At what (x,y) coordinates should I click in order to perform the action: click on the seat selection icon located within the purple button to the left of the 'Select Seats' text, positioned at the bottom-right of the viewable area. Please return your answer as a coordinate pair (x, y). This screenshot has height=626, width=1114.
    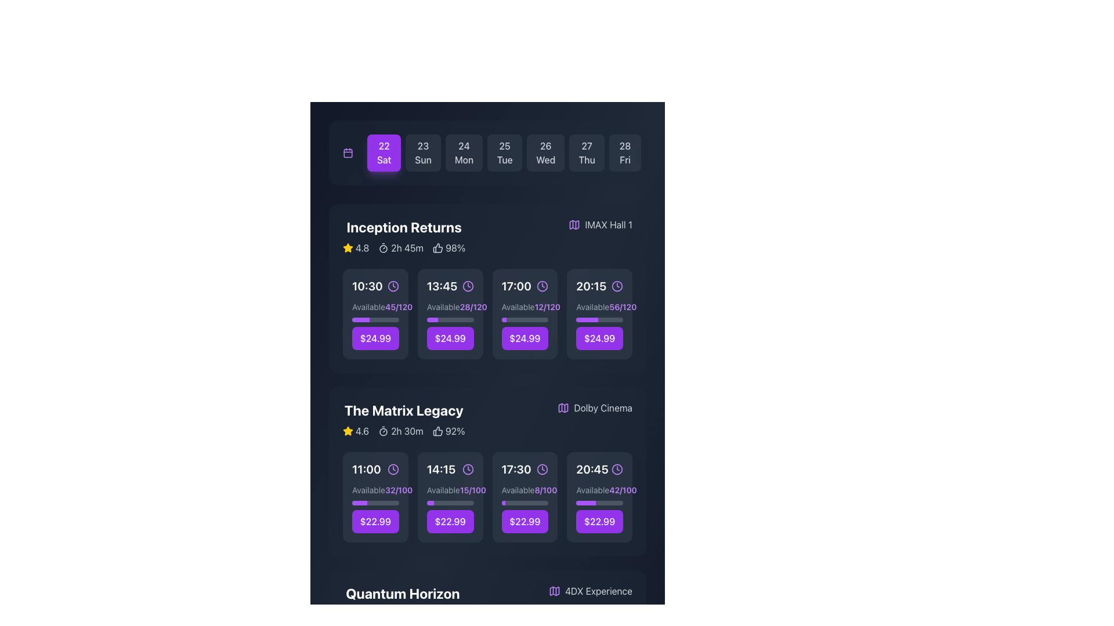
    Looking at the image, I should click on (357, 496).